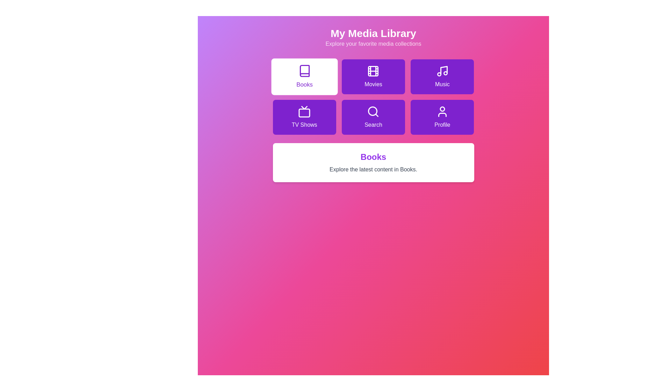  Describe the element at coordinates (373, 84) in the screenshot. I see `the 'Movies' tile label` at that location.